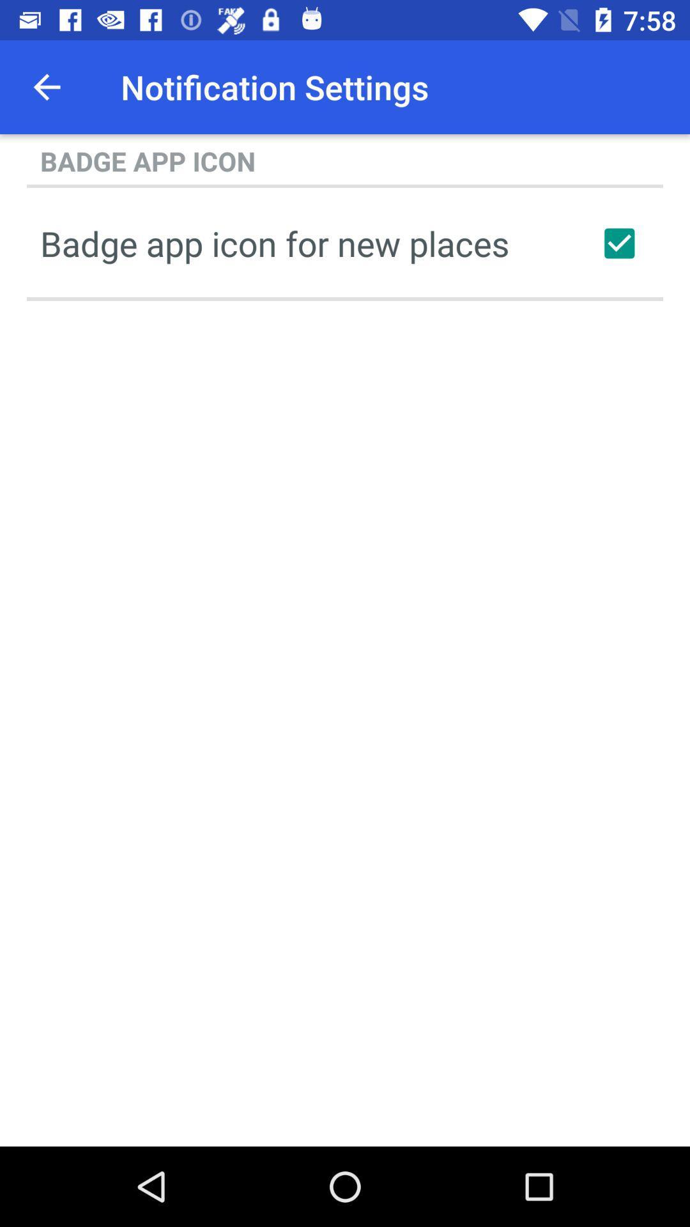  Describe the element at coordinates (618, 243) in the screenshot. I see `new place badge icons` at that location.